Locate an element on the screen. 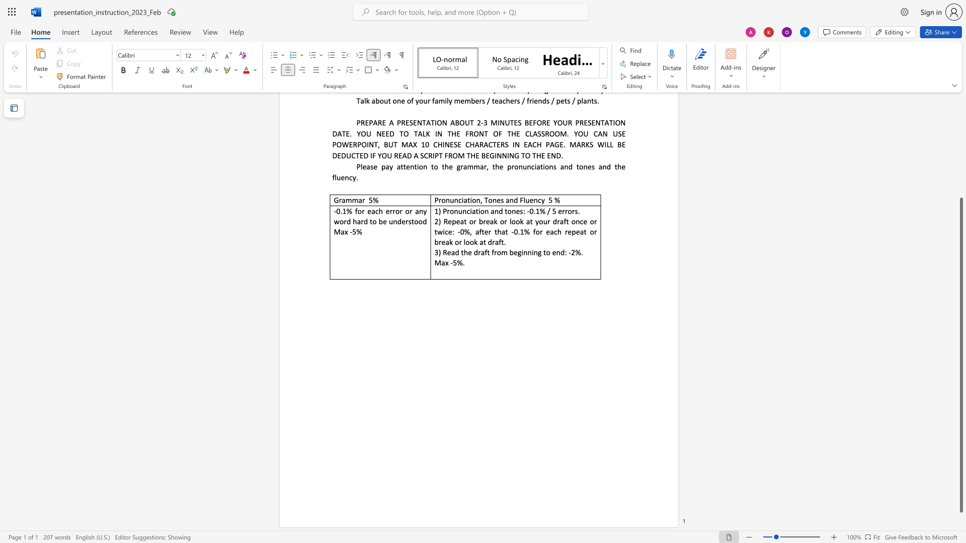 Image resolution: width=966 pixels, height=543 pixels. the right-hand scrollbar to ascend the page is located at coordinates (960, 136).